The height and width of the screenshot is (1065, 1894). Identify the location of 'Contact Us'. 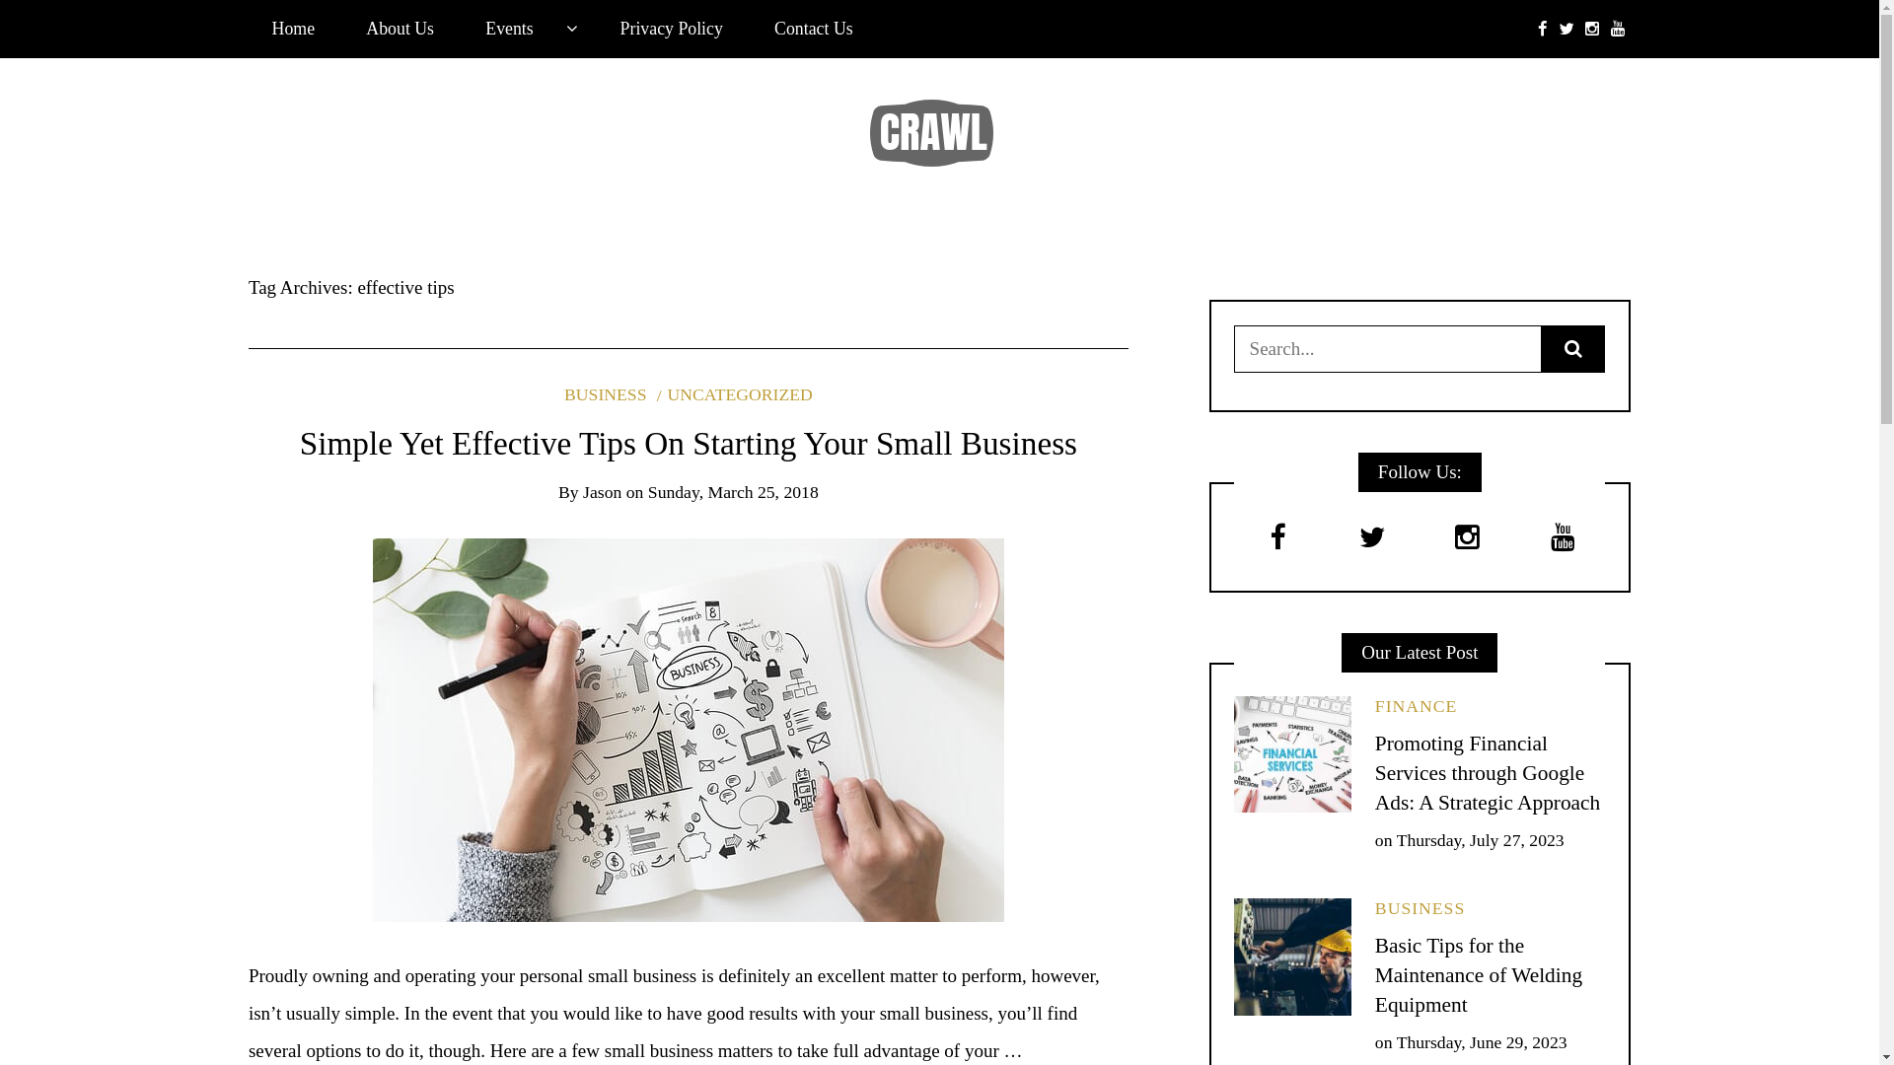
(750, 29).